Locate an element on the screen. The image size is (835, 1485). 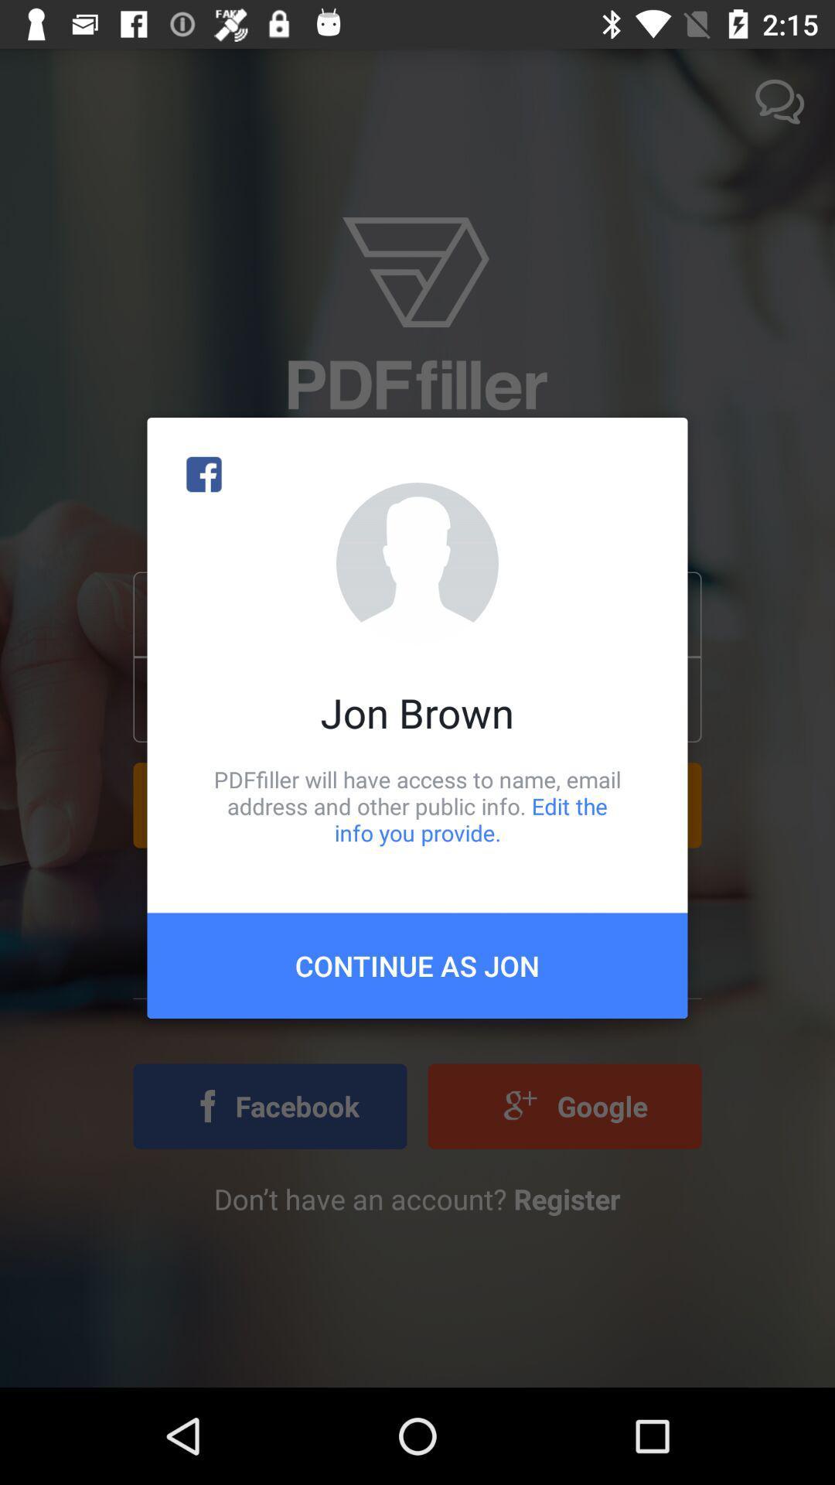
continue as jon is located at coordinates (417, 964).